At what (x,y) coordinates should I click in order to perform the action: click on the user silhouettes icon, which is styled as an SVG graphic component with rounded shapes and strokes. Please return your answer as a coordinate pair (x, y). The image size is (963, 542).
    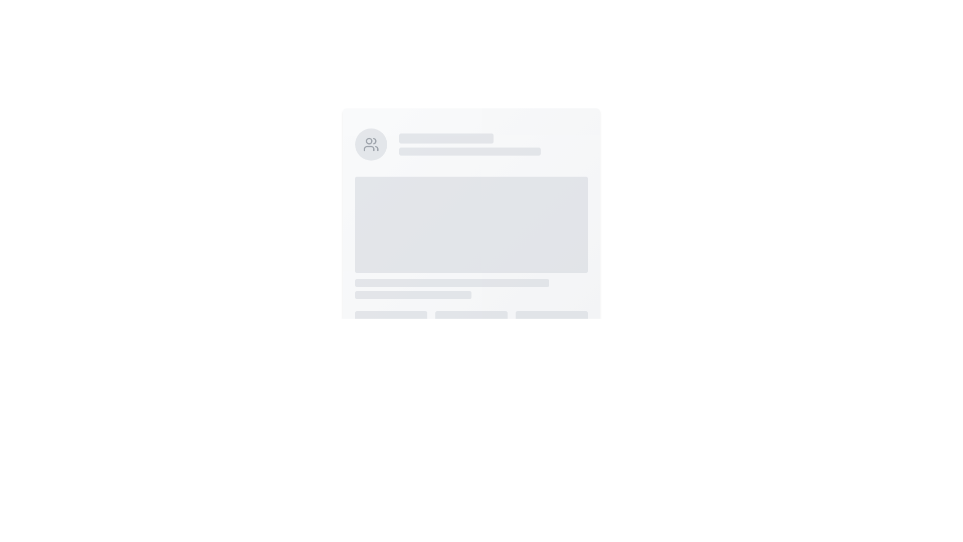
    Looking at the image, I should click on (370, 145).